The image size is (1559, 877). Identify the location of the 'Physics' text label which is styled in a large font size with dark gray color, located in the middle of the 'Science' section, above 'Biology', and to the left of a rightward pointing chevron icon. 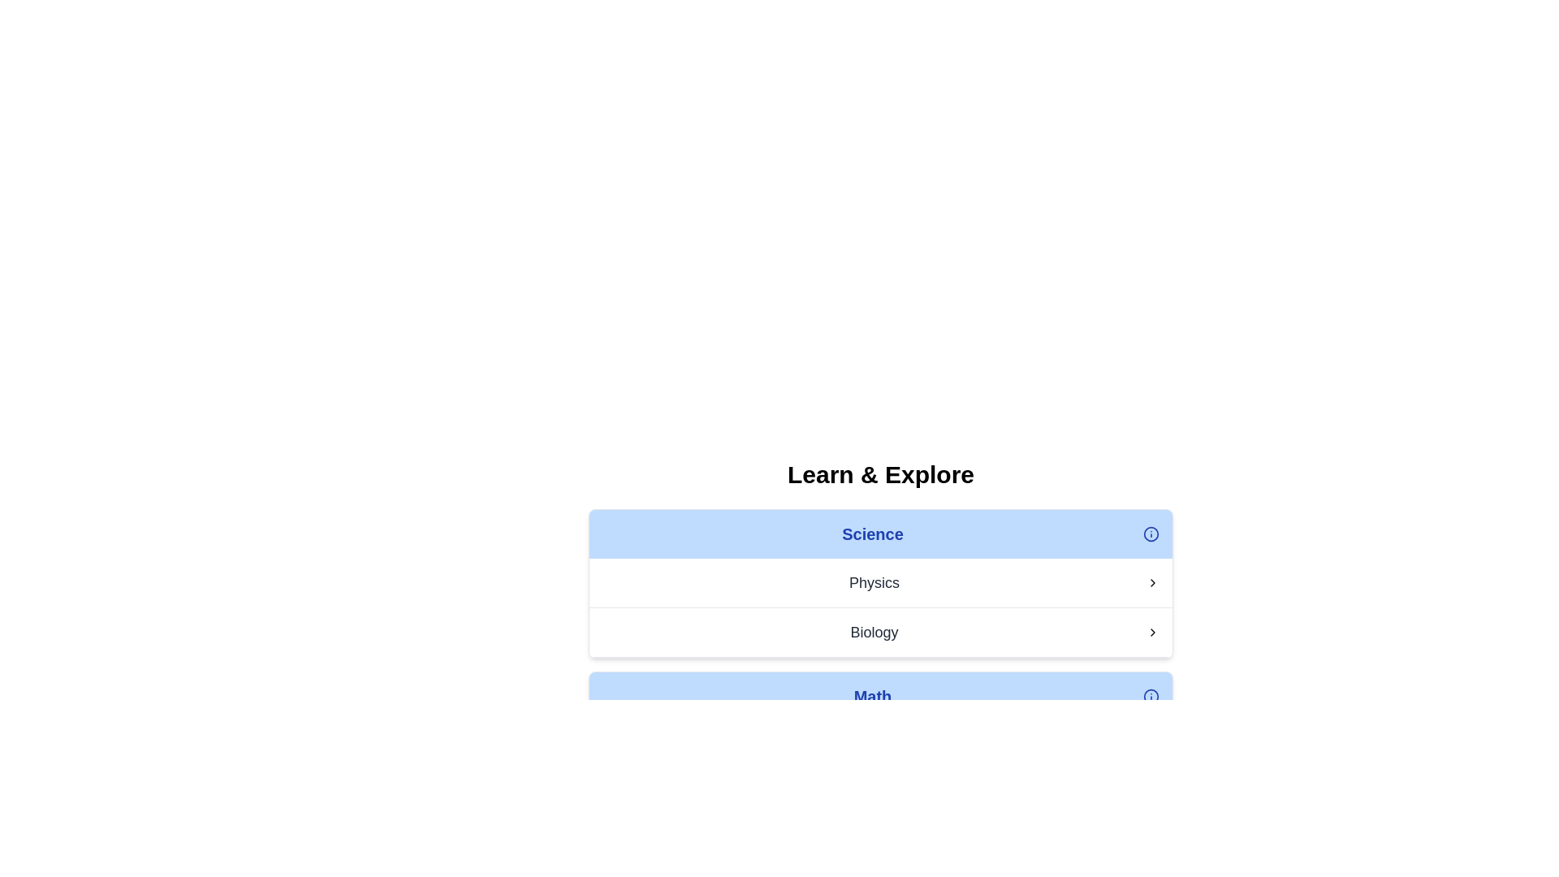
(873, 581).